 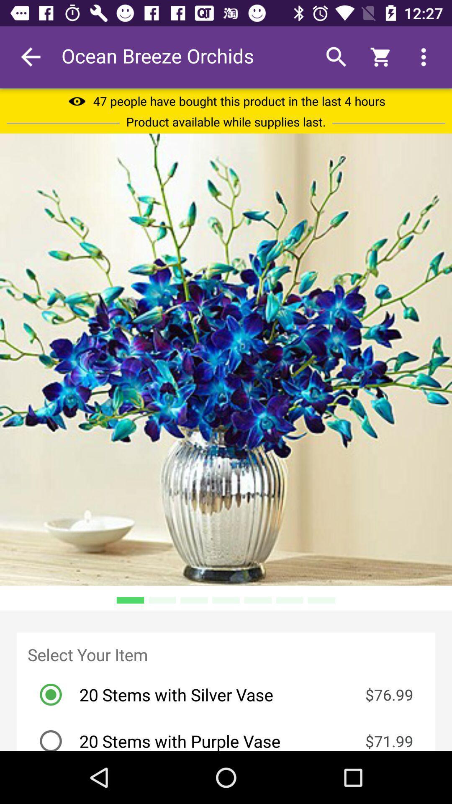 I want to click on the item below product available while, so click(x=226, y=359).